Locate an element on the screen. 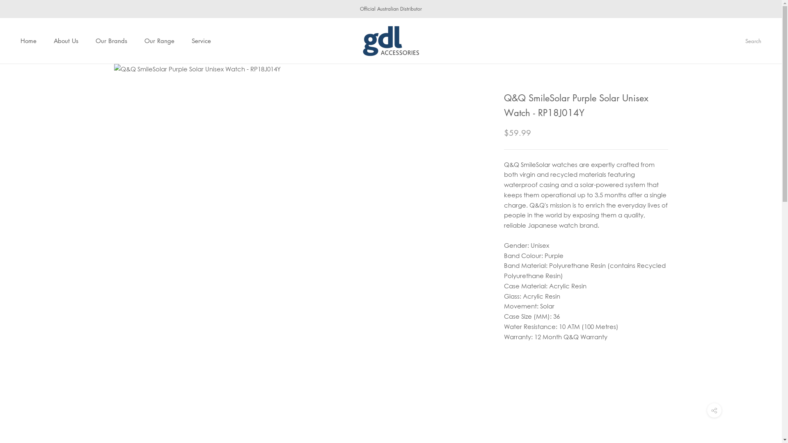 This screenshot has width=788, height=443. 'Official Australian Distributor' is located at coordinates (360, 9).